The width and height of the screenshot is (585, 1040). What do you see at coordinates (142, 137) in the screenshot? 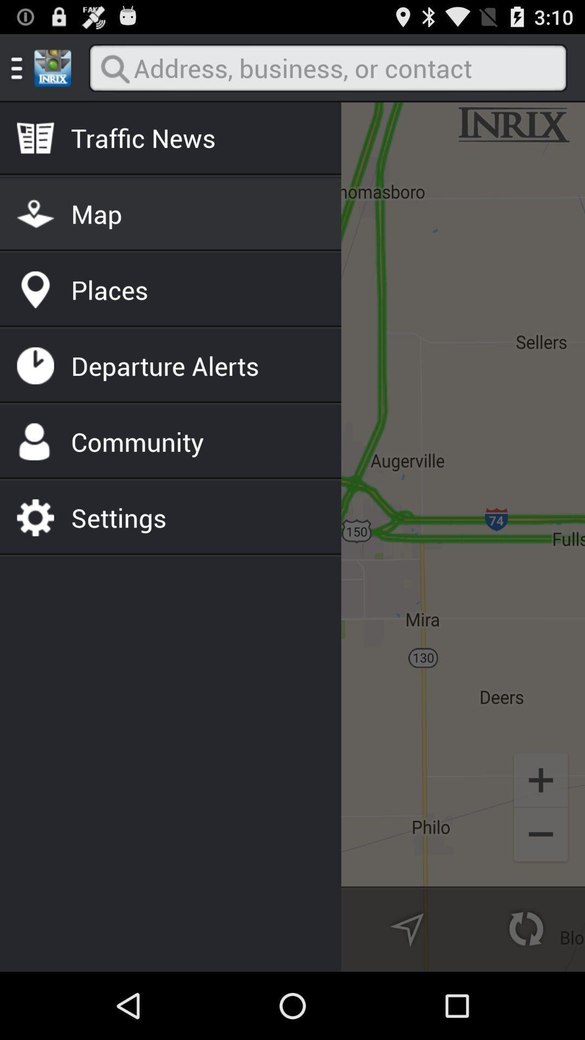
I see `the traffic news item` at bounding box center [142, 137].